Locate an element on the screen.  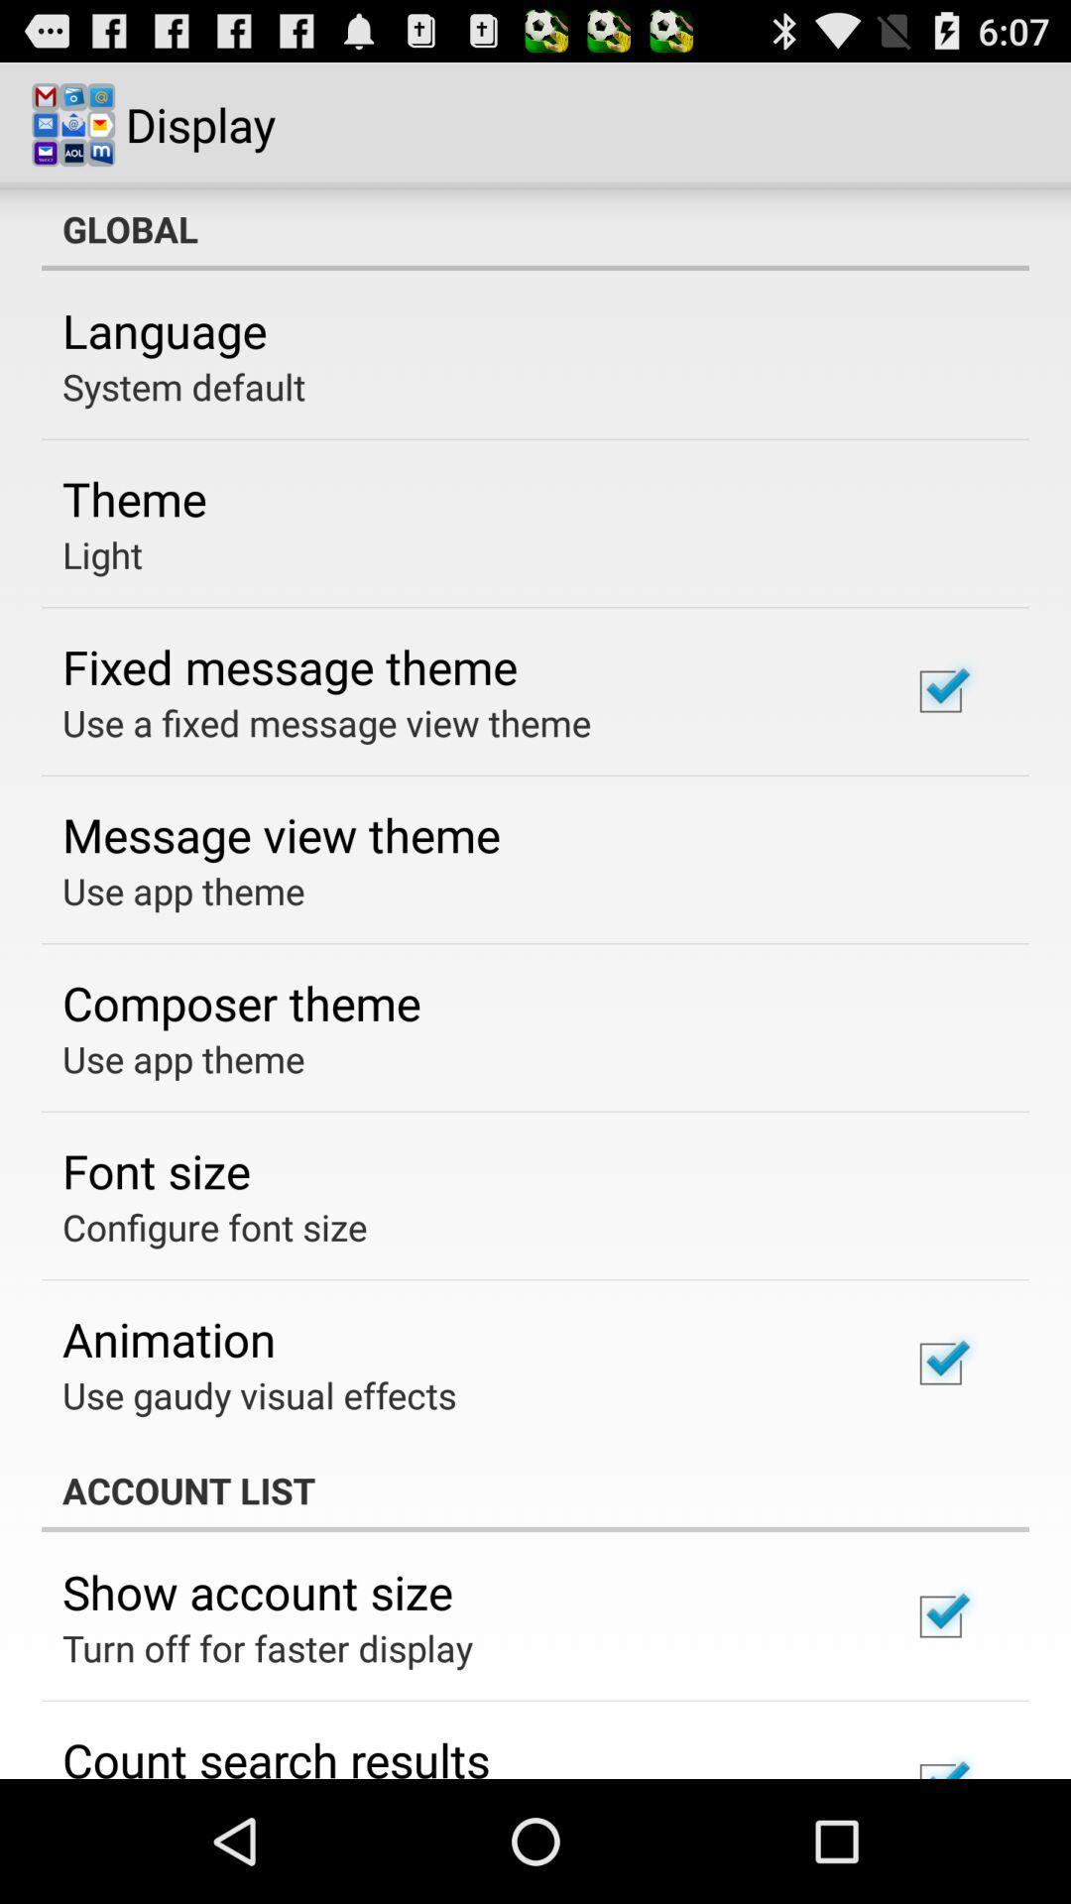
composer theme icon is located at coordinates (240, 1003).